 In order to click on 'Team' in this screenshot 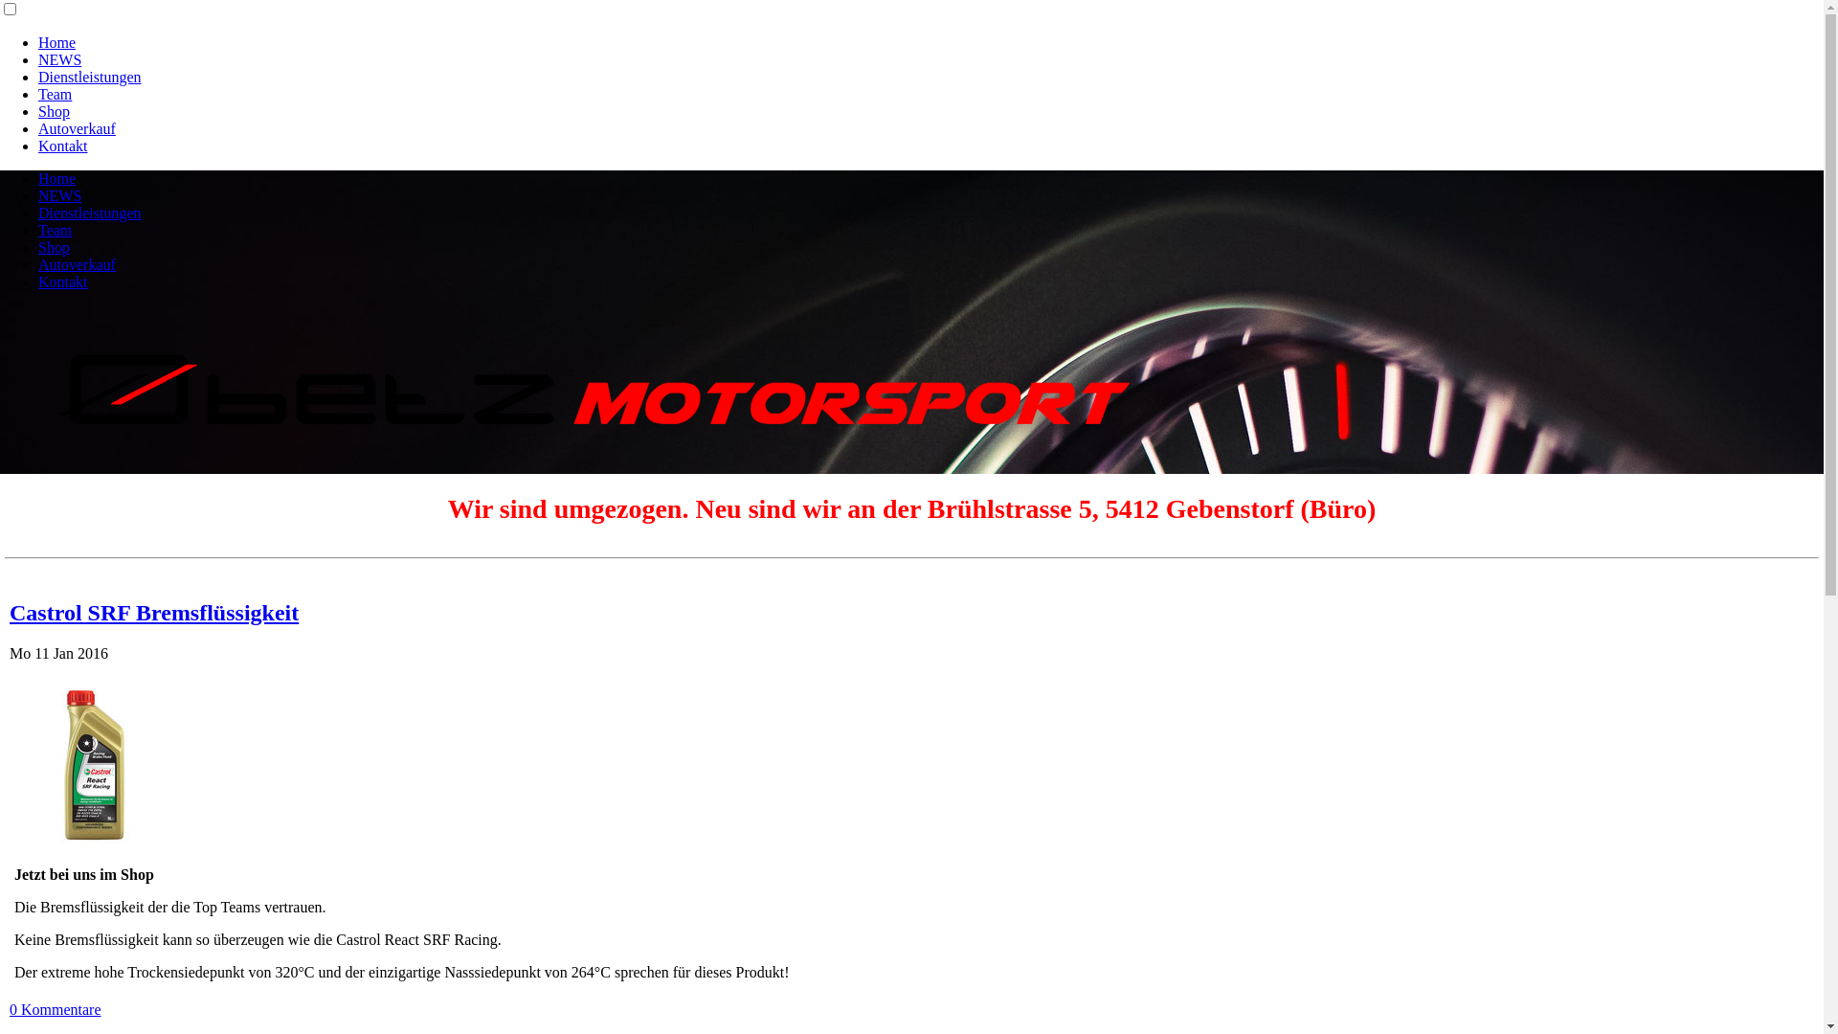, I will do `click(55, 229)`.